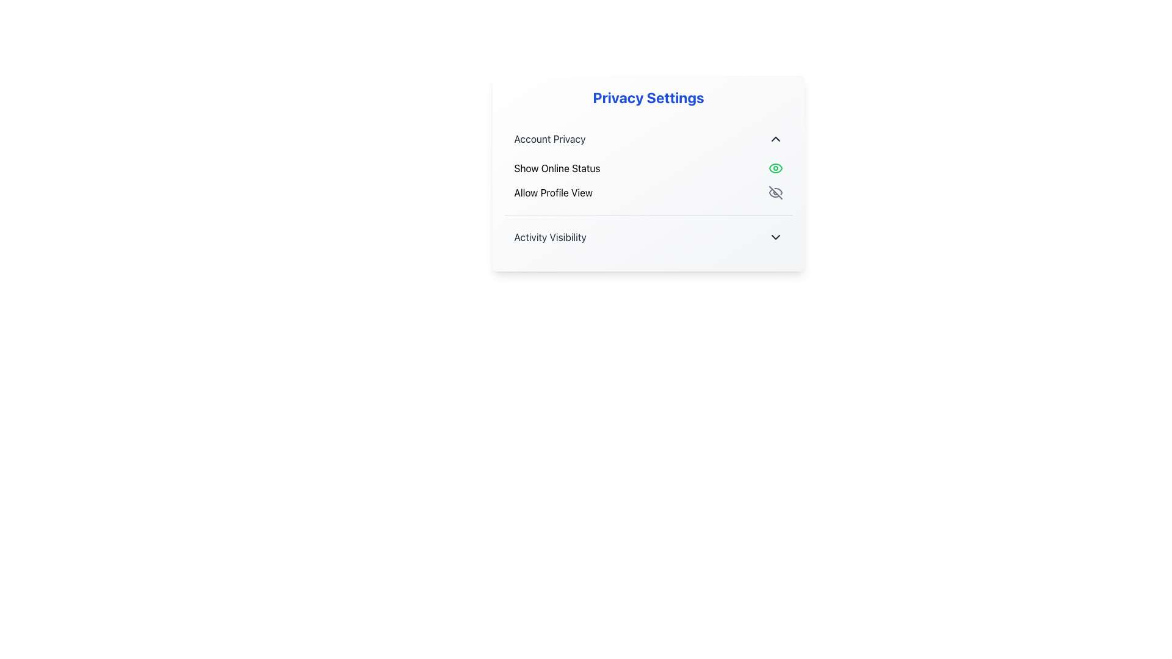 Image resolution: width=1172 pixels, height=659 pixels. I want to click on the 'Privacy Options' section in the 'Privacy Settings' area, so click(648, 188).